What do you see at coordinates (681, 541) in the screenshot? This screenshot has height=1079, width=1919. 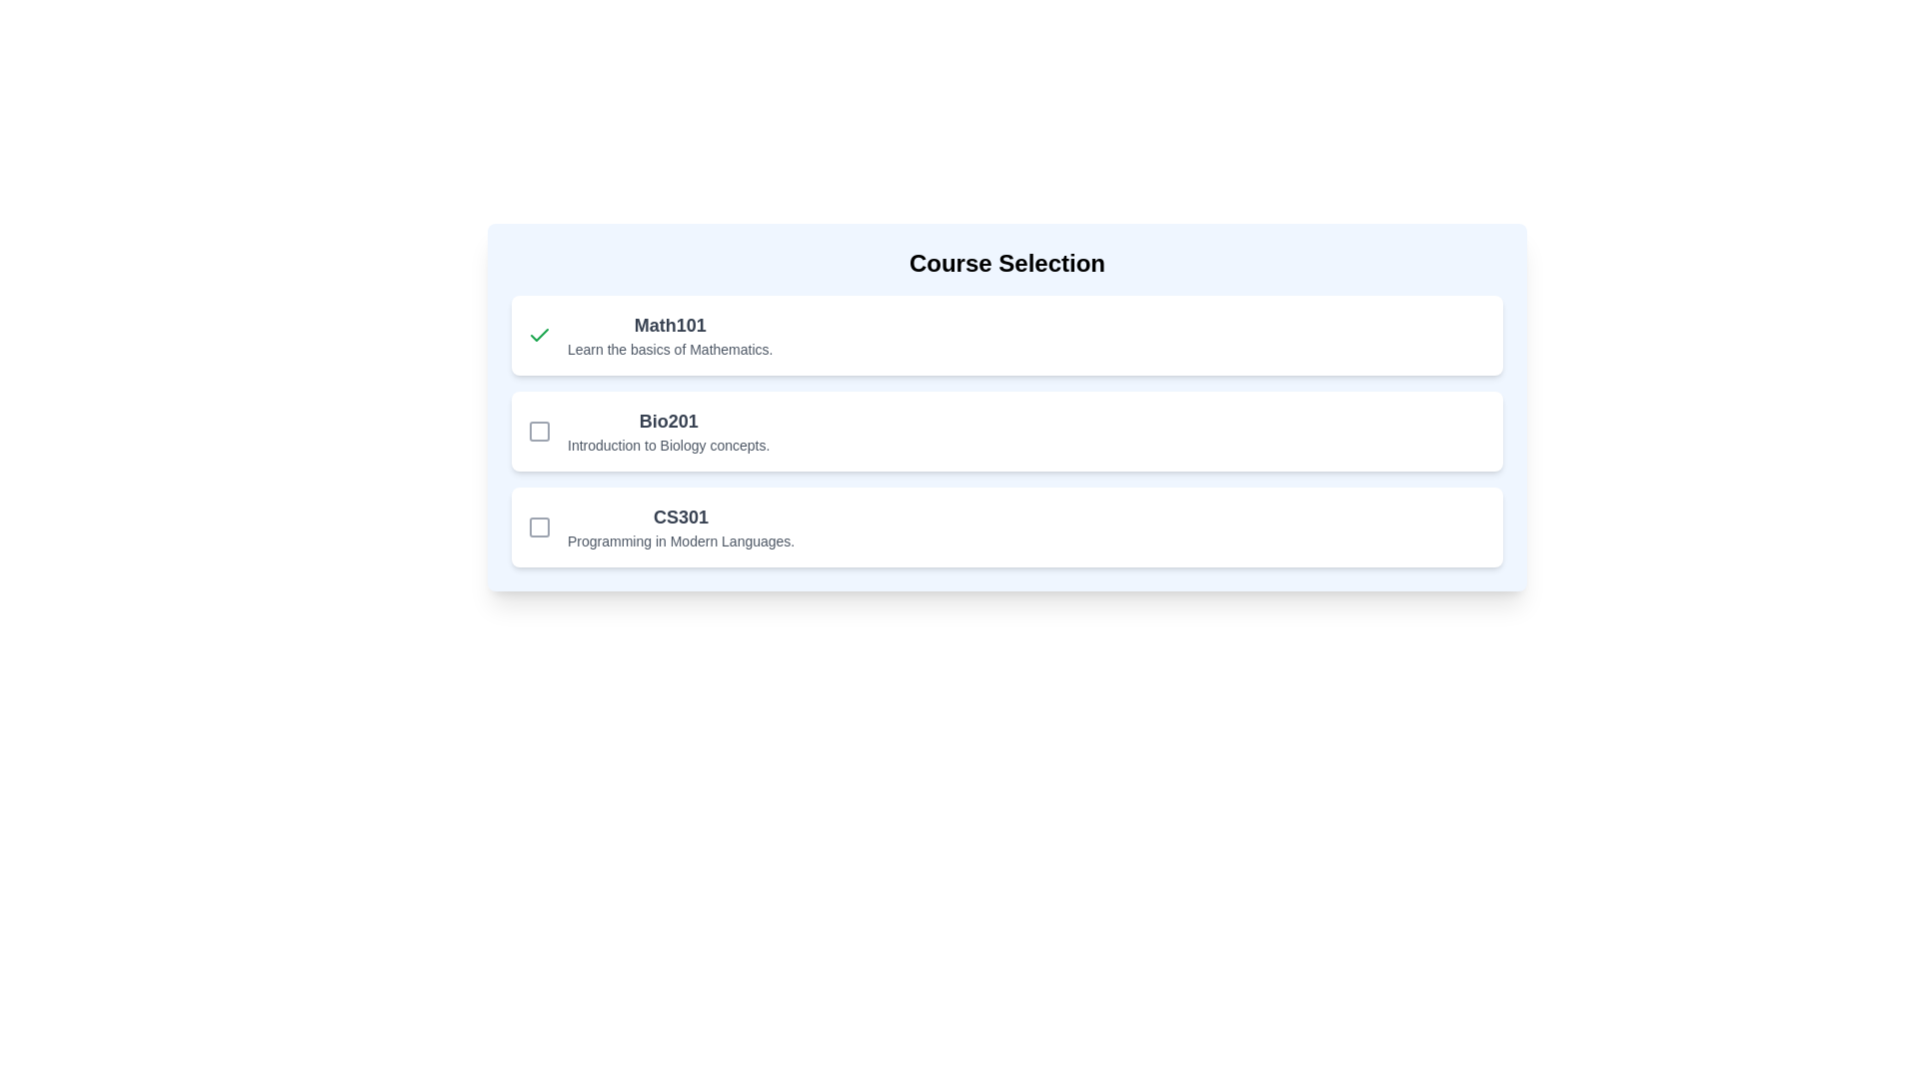 I see `the text element that reads 'Programming in Modern Languages.' located beneath the bold heading 'CS301'` at bounding box center [681, 541].